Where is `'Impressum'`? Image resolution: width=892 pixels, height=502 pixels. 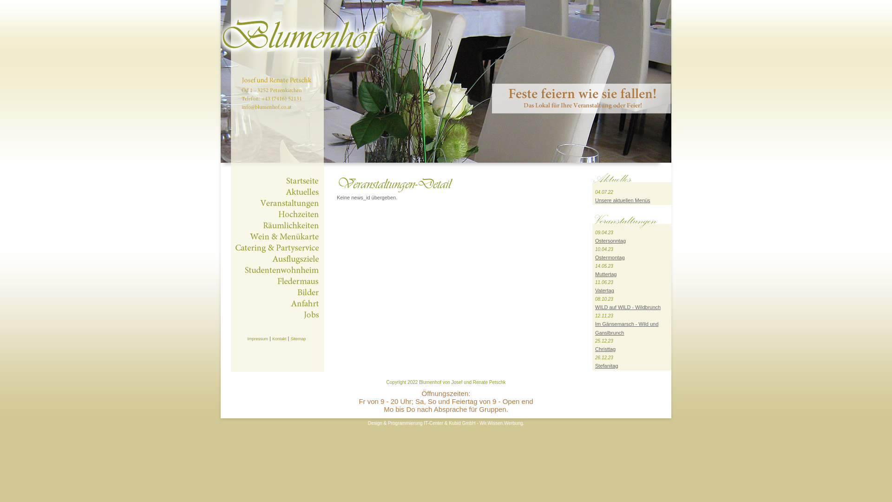
'Impressum' is located at coordinates (247, 339).